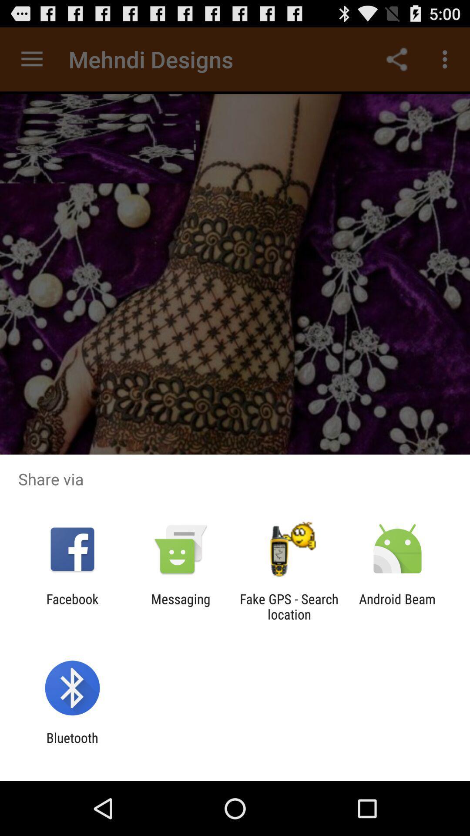 This screenshot has height=836, width=470. I want to click on the item to the right of the messaging app, so click(289, 606).